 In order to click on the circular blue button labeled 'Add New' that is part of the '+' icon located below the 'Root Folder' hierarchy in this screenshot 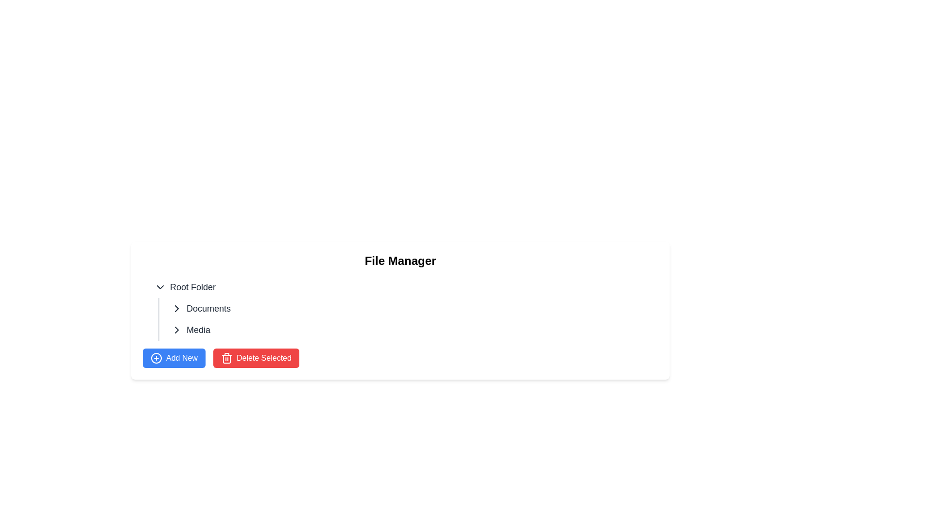, I will do `click(156, 358)`.